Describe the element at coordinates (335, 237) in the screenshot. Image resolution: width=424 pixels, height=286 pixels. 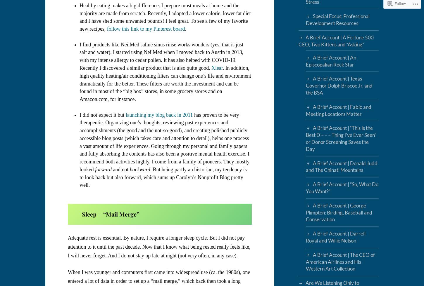
I see `'A Brief Account | Darrell Royal and Willie Nelson'` at that location.